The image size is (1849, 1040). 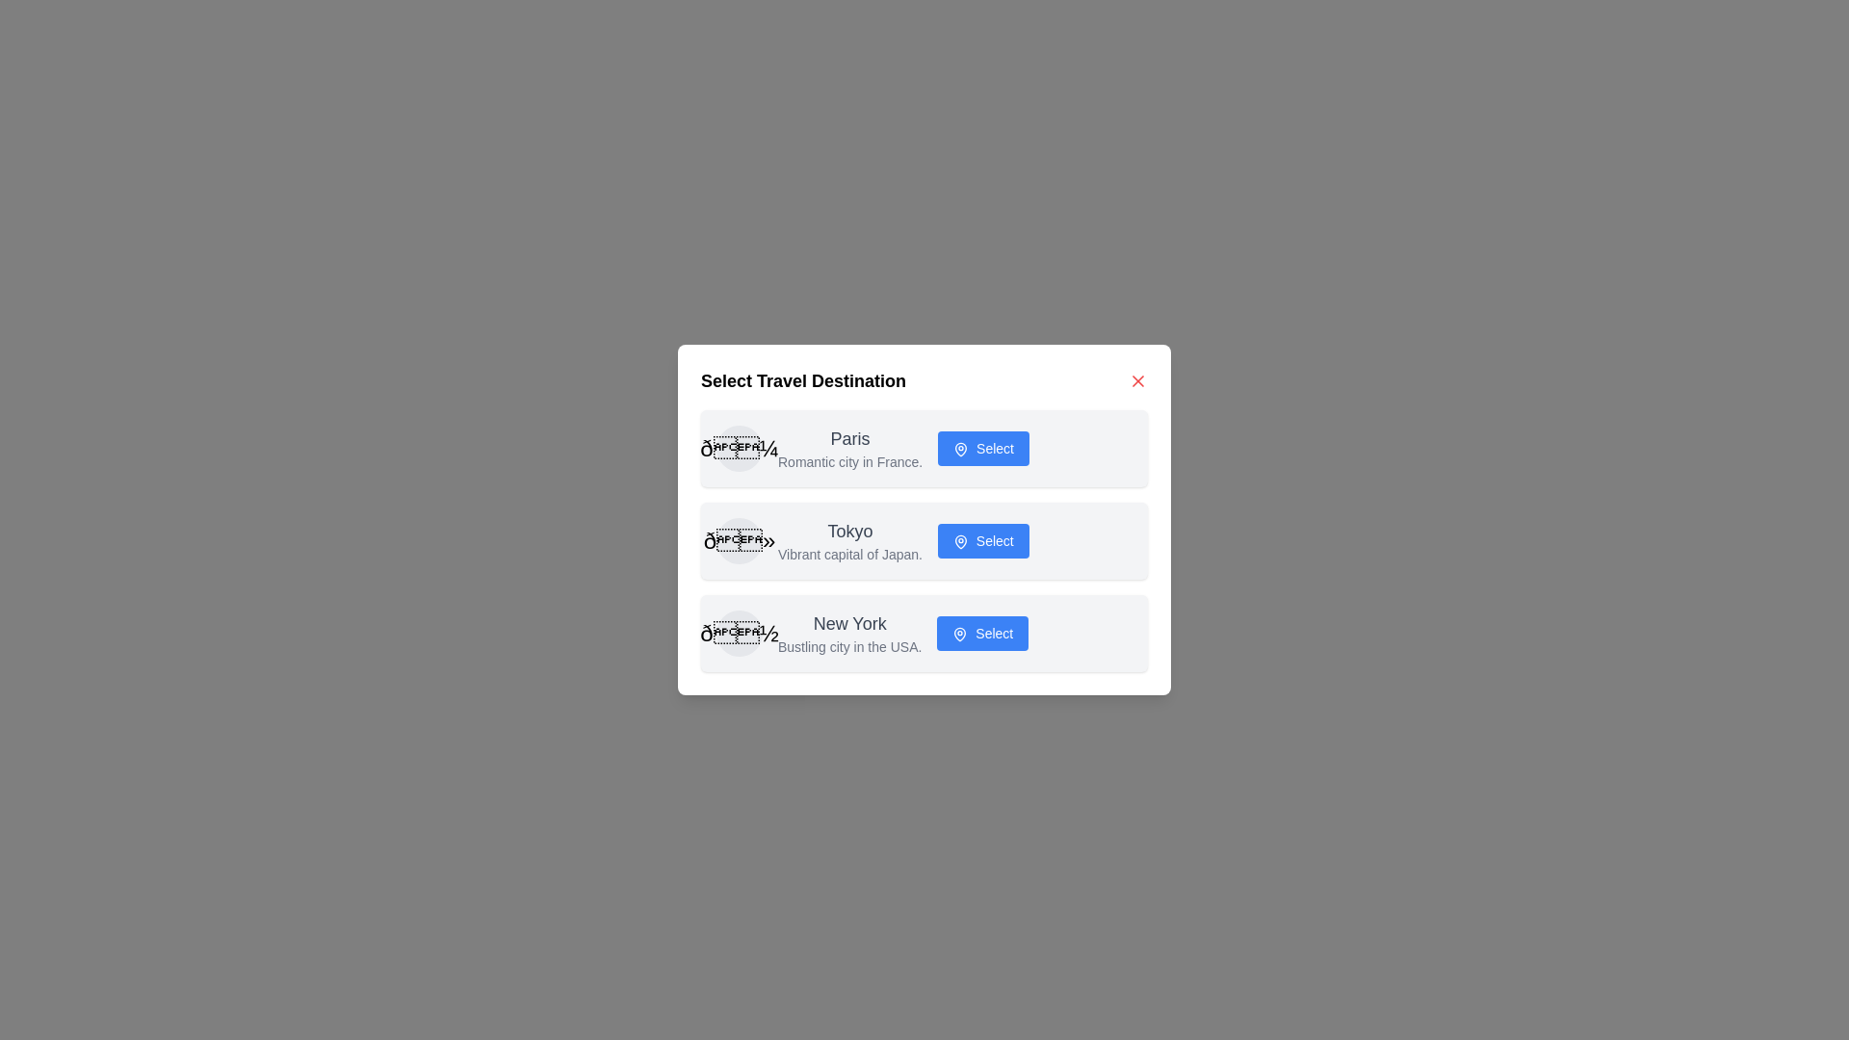 I want to click on the close button to close the dialog, so click(x=1137, y=381).